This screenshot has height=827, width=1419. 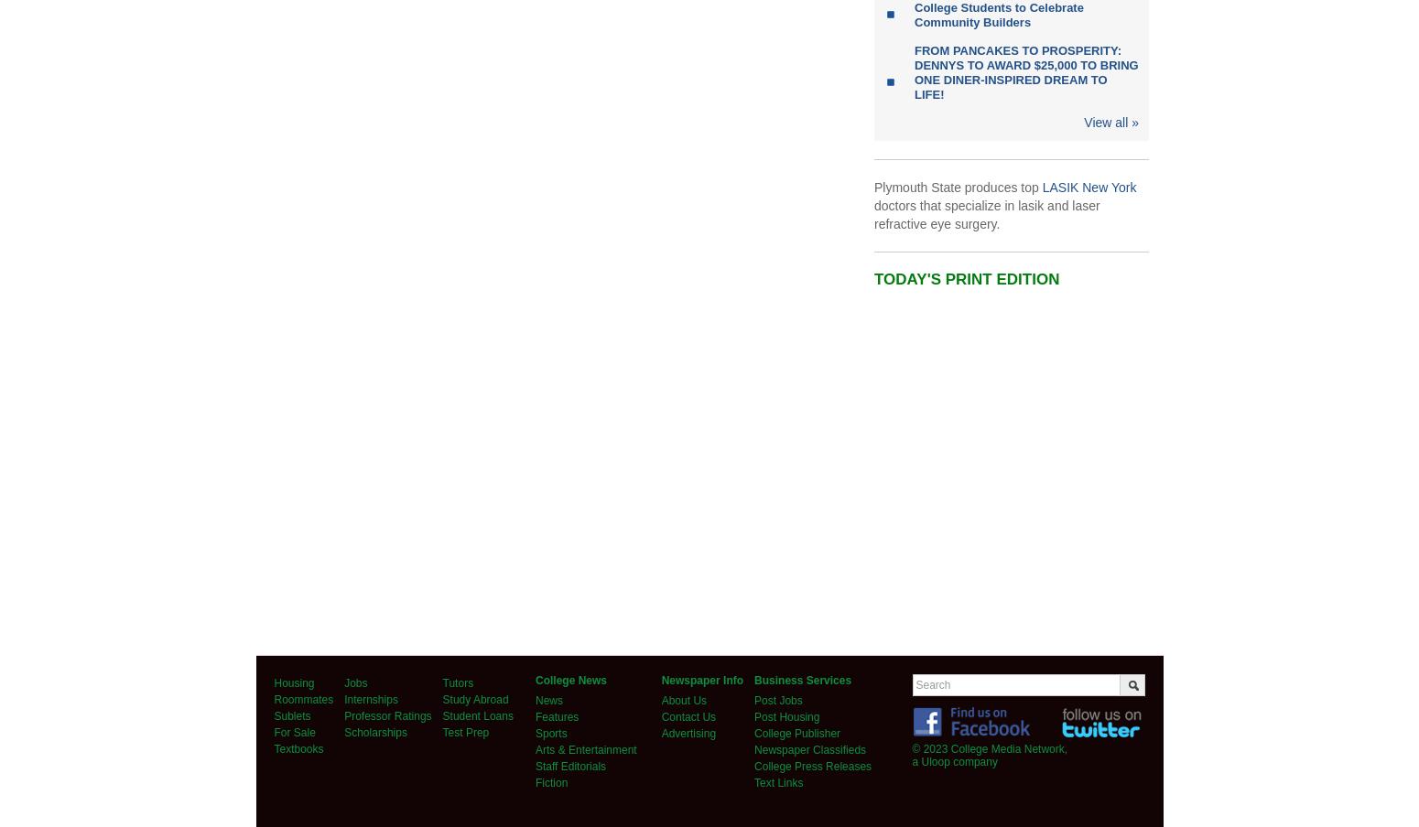 I want to click on 'News', so click(x=548, y=700).